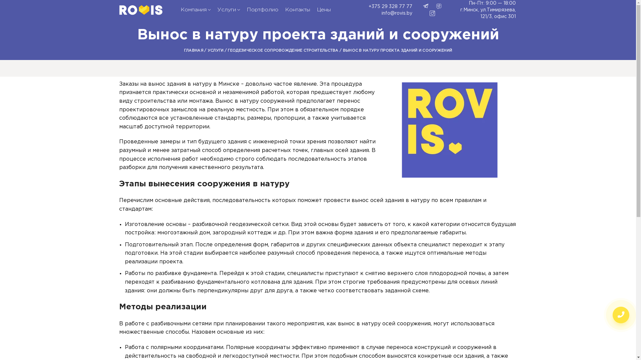 The image size is (641, 360). What do you see at coordinates (349, 6) in the screenshot?
I see `'+375 29 328 77 77'` at bounding box center [349, 6].